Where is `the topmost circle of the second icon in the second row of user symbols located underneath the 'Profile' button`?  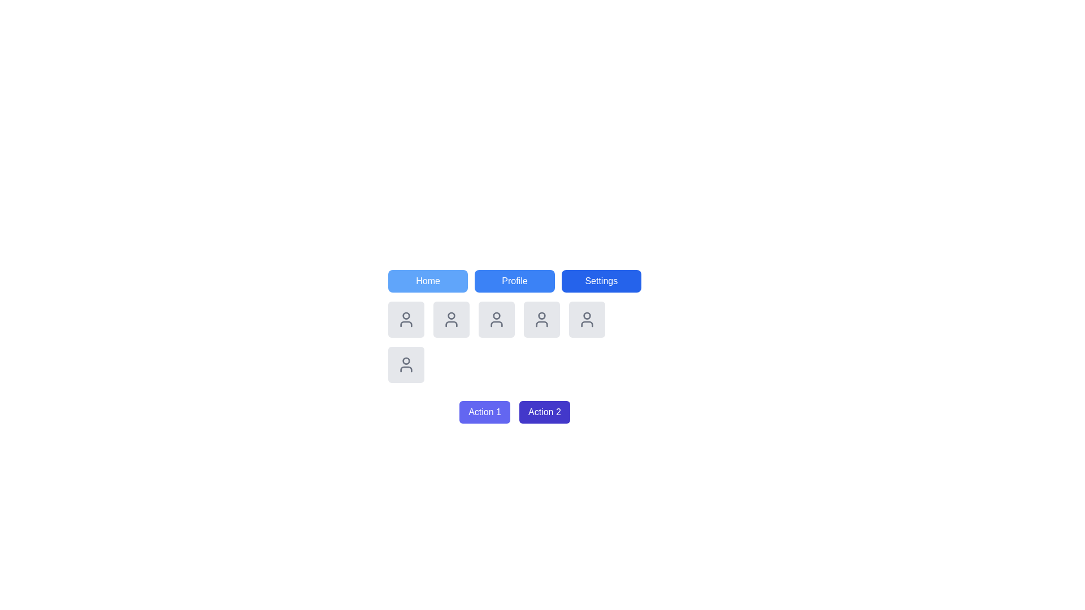
the topmost circle of the second icon in the second row of user symbols located underneath the 'Profile' button is located at coordinates (496, 316).